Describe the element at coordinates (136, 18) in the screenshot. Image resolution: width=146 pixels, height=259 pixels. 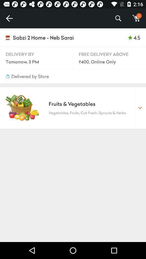
I see `icon next to the %` at that location.